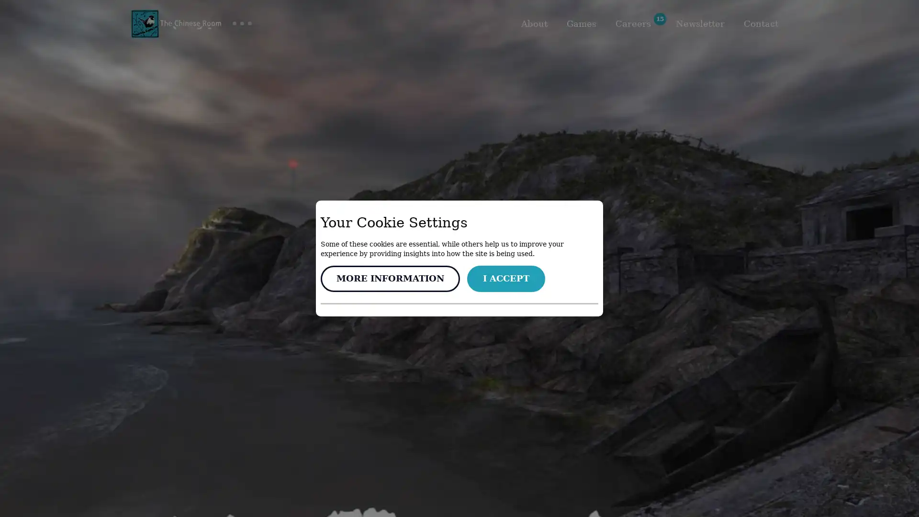 The image size is (919, 517). What do you see at coordinates (241, 23) in the screenshot?
I see `Toggle group navigation` at bounding box center [241, 23].